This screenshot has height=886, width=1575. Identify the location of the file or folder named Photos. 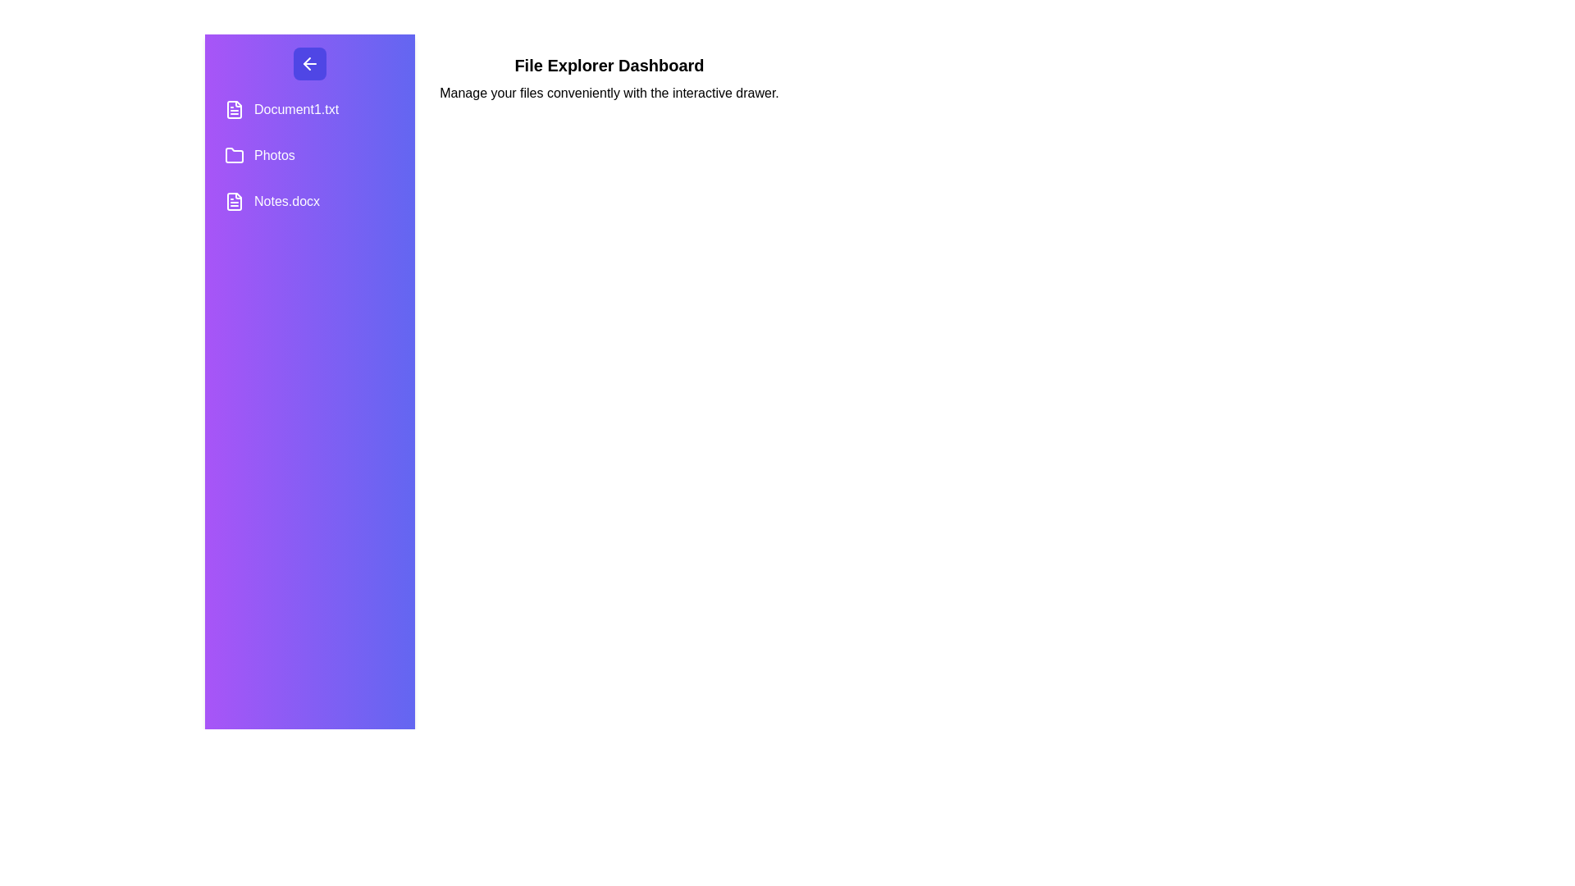
(310, 155).